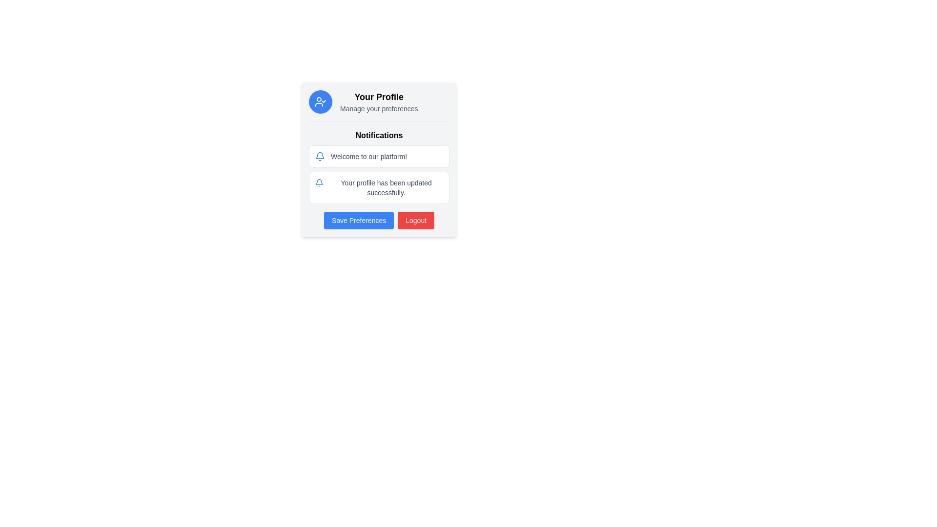 The height and width of the screenshot is (527, 937). What do you see at coordinates (379, 156) in the screenshot?
I see `the first Notification card in the Notifications section that informs the user about their introduction to the platform` at bounding box center [379, 156].